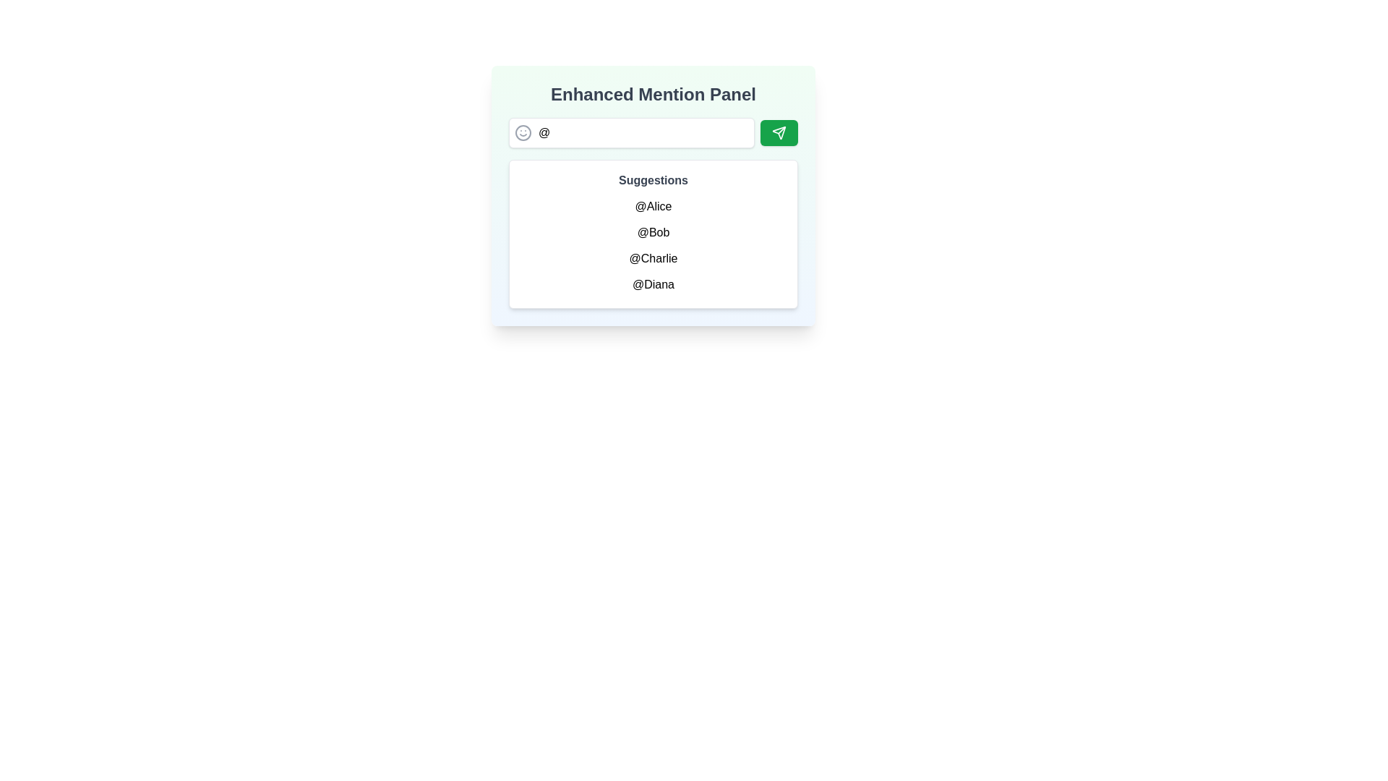 The image size is (1388, 781). What do you see at coordinates (652, 206) in the screenshot?
I see `the interactive list item styled as '@Alice'` at bounding box center [652, 206].